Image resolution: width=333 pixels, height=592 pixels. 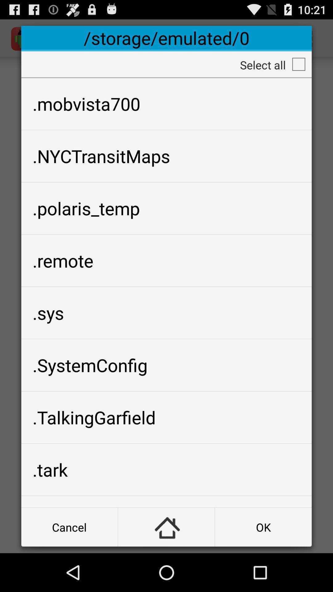 What do you see at coordinates (298, 64) in the screenshot?
I see `select all` at bounding box center [298, 64].